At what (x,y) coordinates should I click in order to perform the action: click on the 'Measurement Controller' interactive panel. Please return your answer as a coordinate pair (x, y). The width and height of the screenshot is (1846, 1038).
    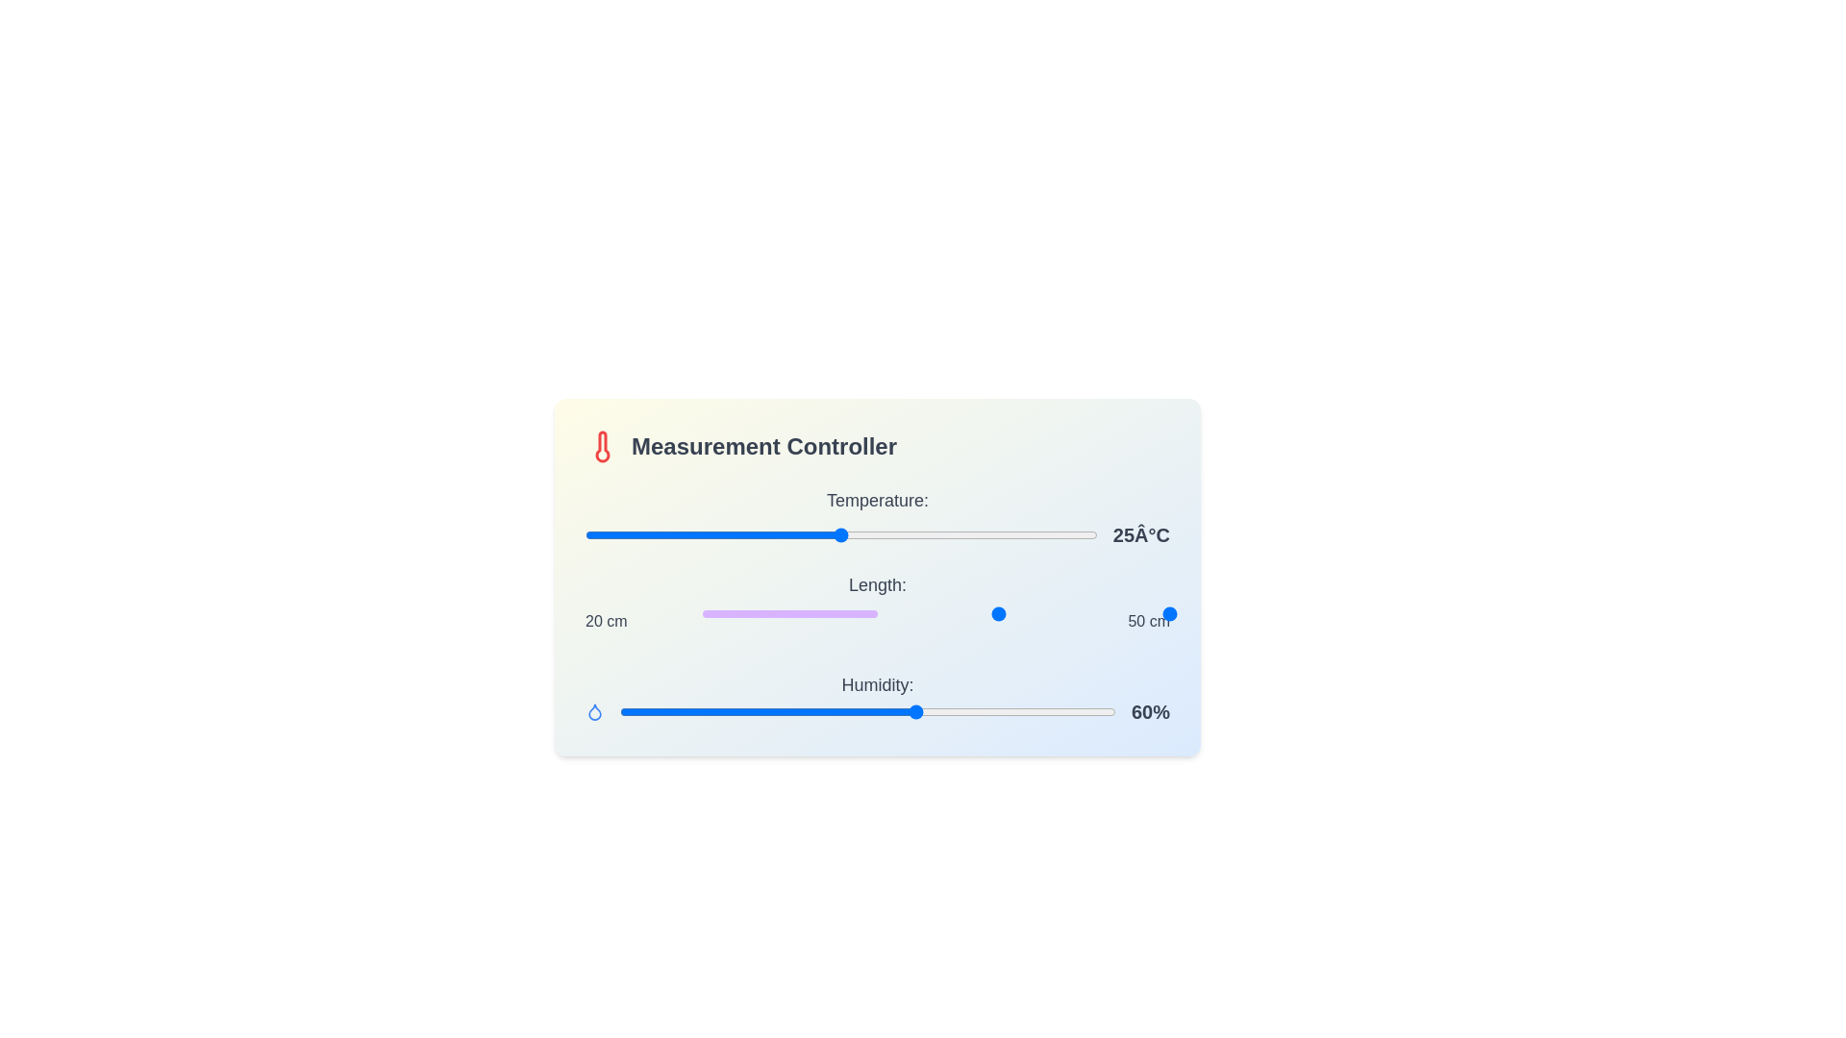
    Looking at the image, I should click on (876, 577).